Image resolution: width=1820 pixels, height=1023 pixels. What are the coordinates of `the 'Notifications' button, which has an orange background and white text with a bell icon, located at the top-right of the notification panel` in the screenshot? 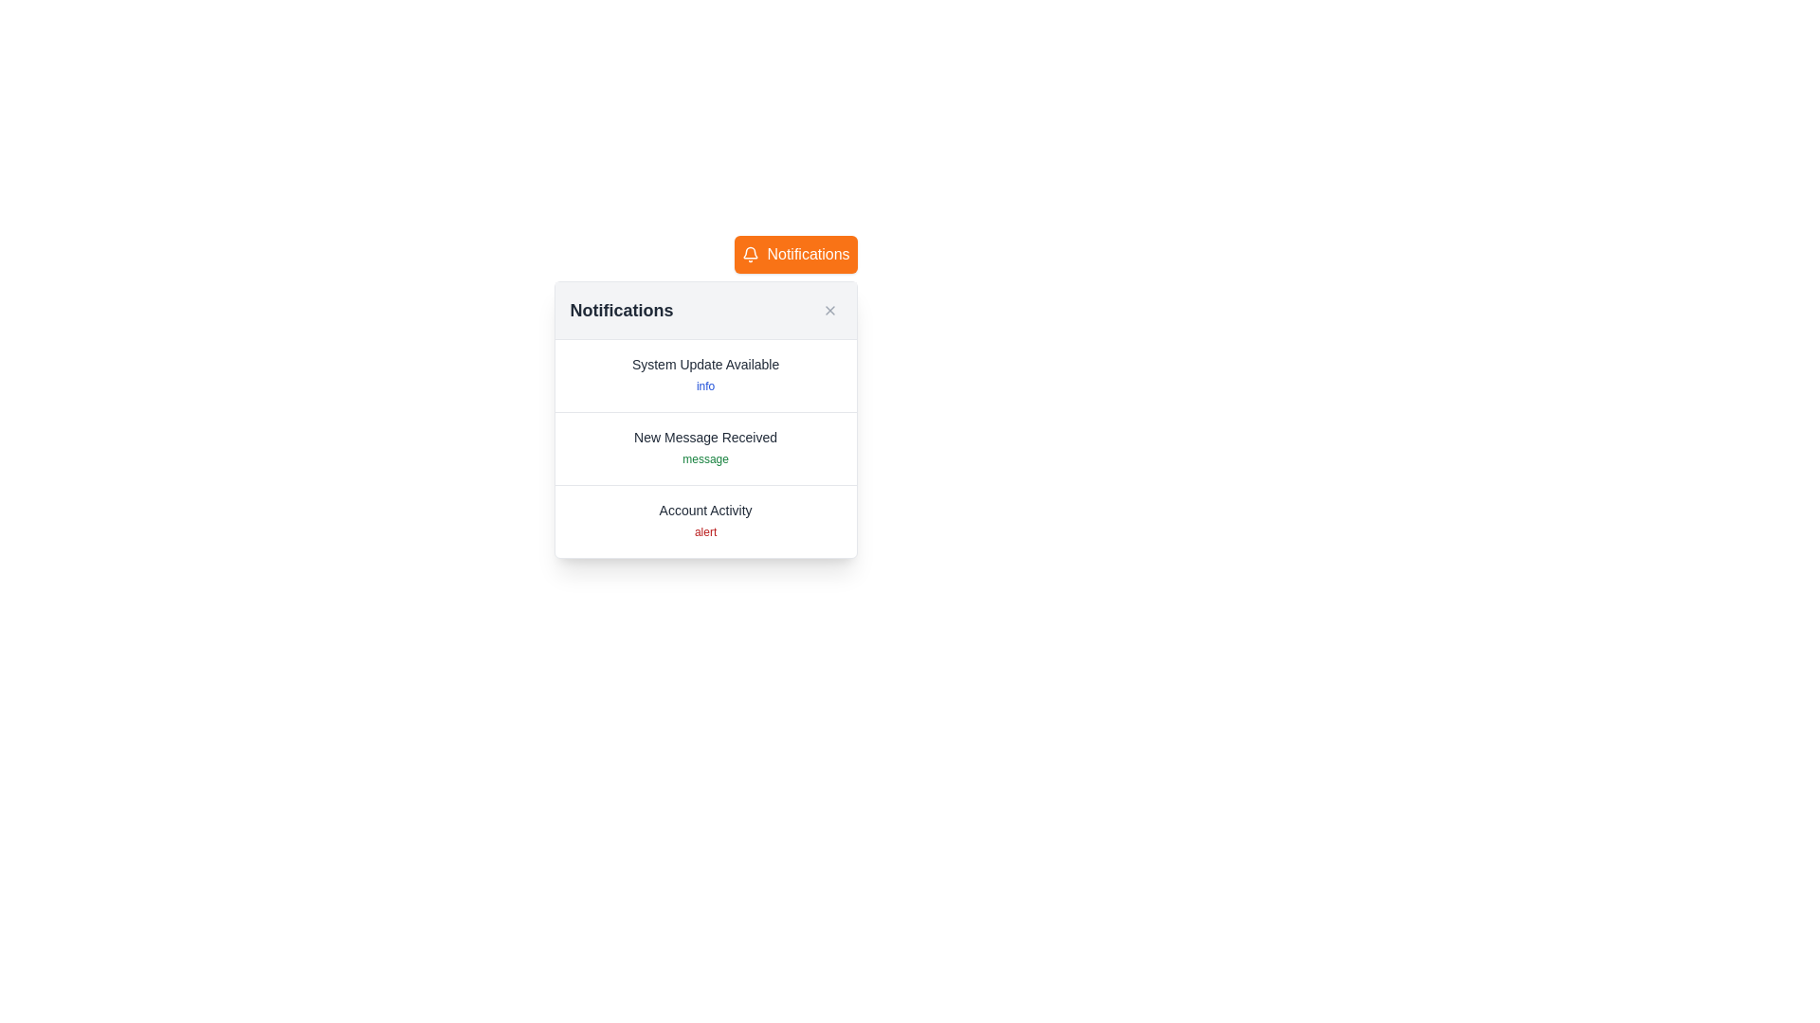 It's located at (796, 254).